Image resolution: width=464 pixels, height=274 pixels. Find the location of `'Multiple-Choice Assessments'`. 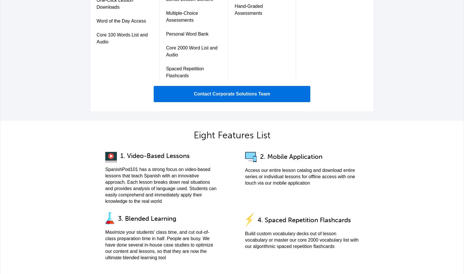

'Multiple-Choice Assessments' is located at coordinates (166, 16).